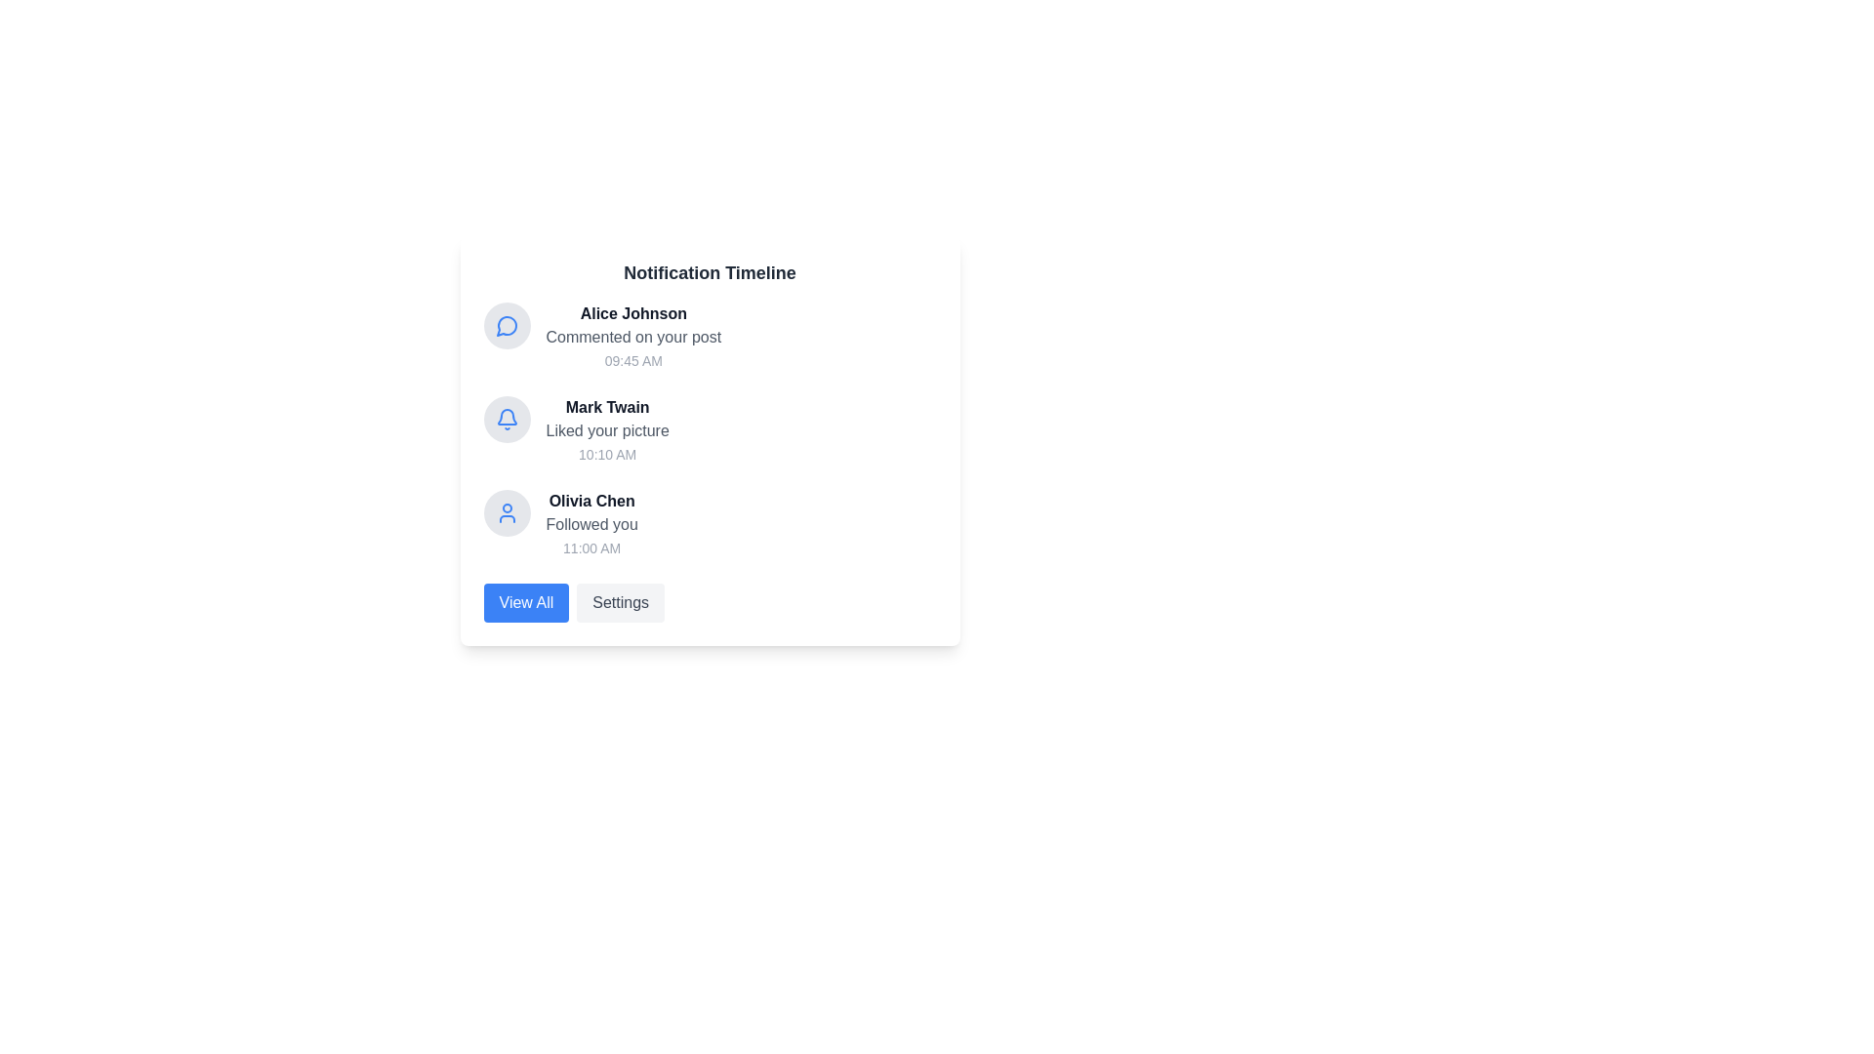  What do you see at coordinates (633, 361) in the screenshot?
I see `timestamp displayed in the gray text label showing '09:45 AM', which is located at the bottom of the notification item for 'Alice Johnson'` at bounding box center [633, 361].